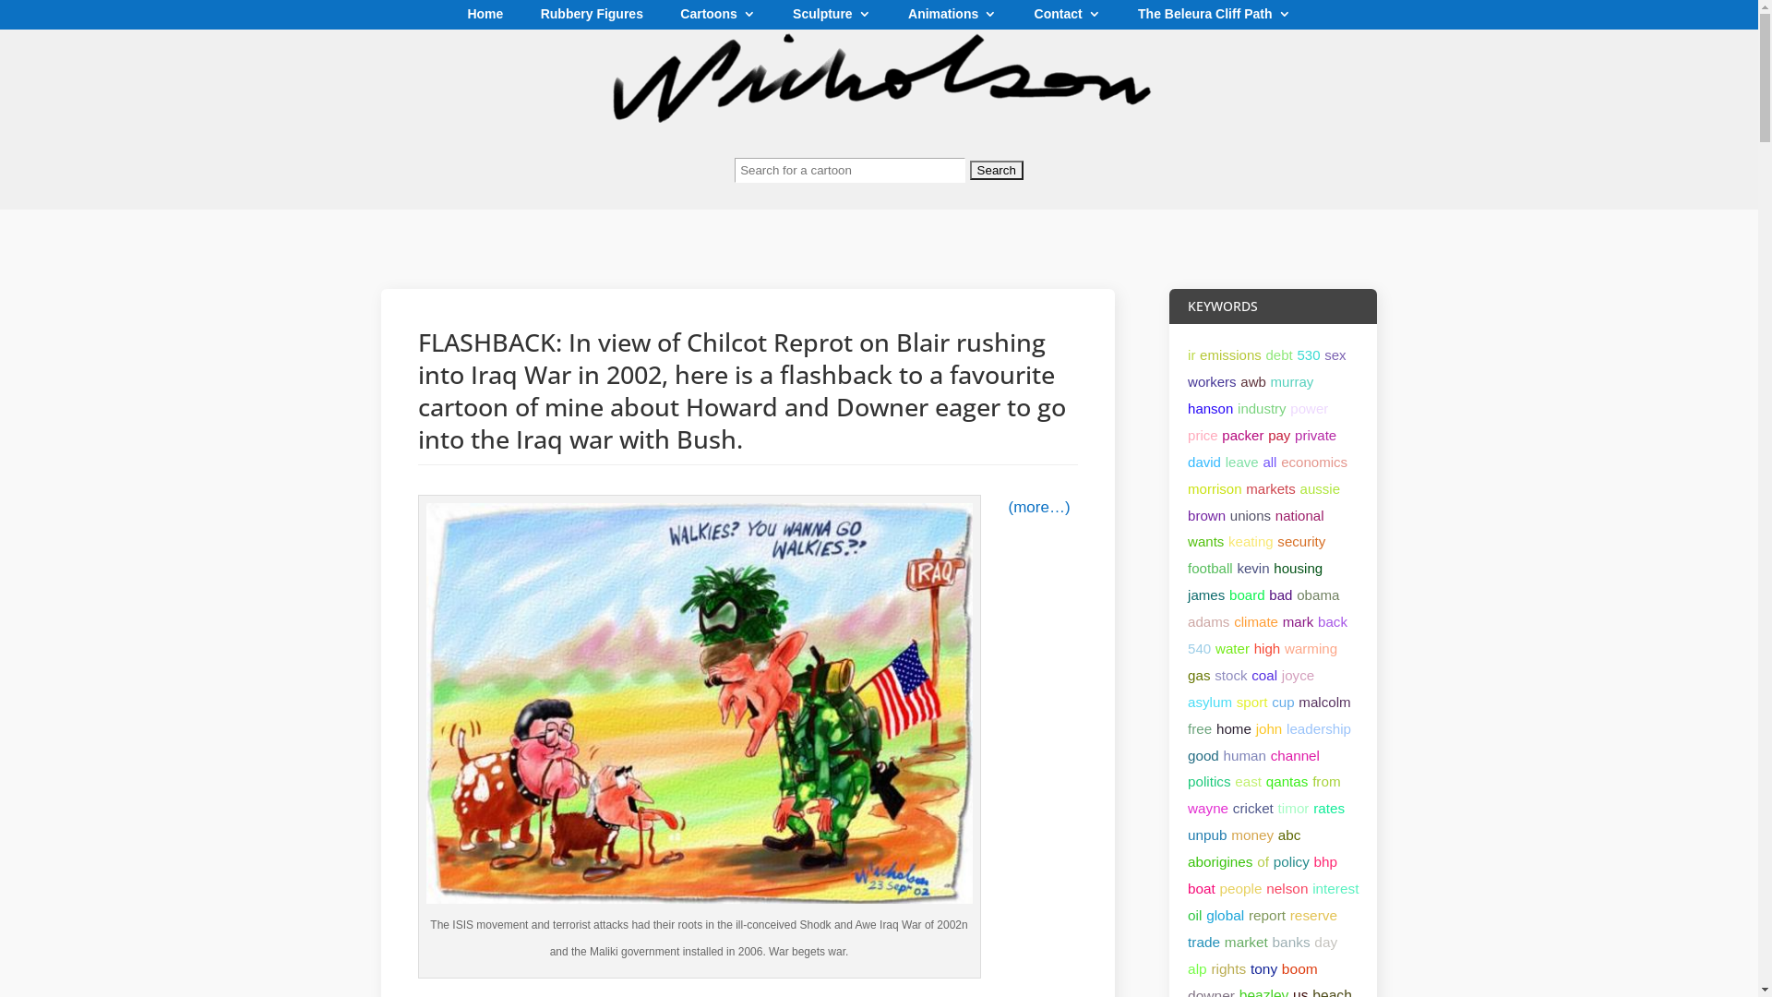  What do you see at coordinates (716, 18) in the screenshot?
I see `'Cartoons'` at bounding box center [716, 18].